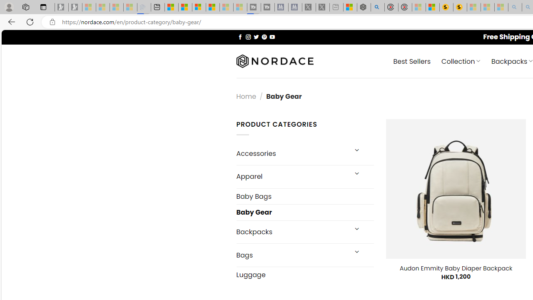 The height and width of the screenshot is (300, 533). I want to click on 'poe - Search', so click(377, 7).